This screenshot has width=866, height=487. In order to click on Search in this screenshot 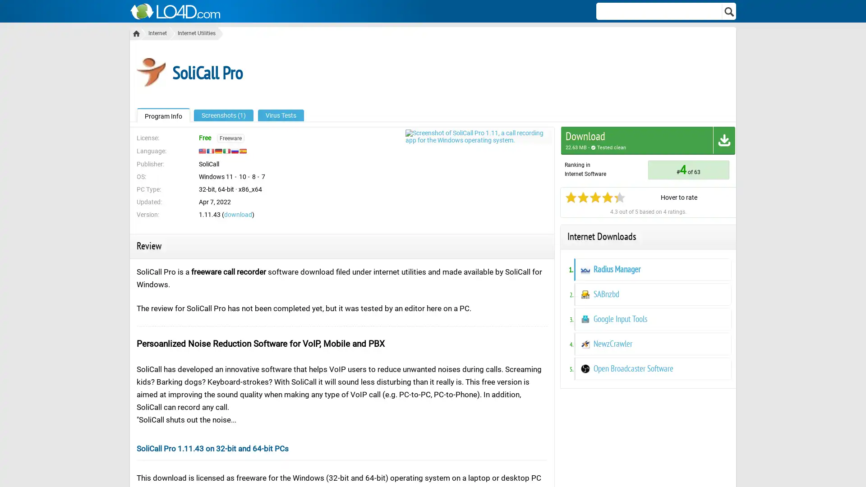, I will do `click(729, 11)`.